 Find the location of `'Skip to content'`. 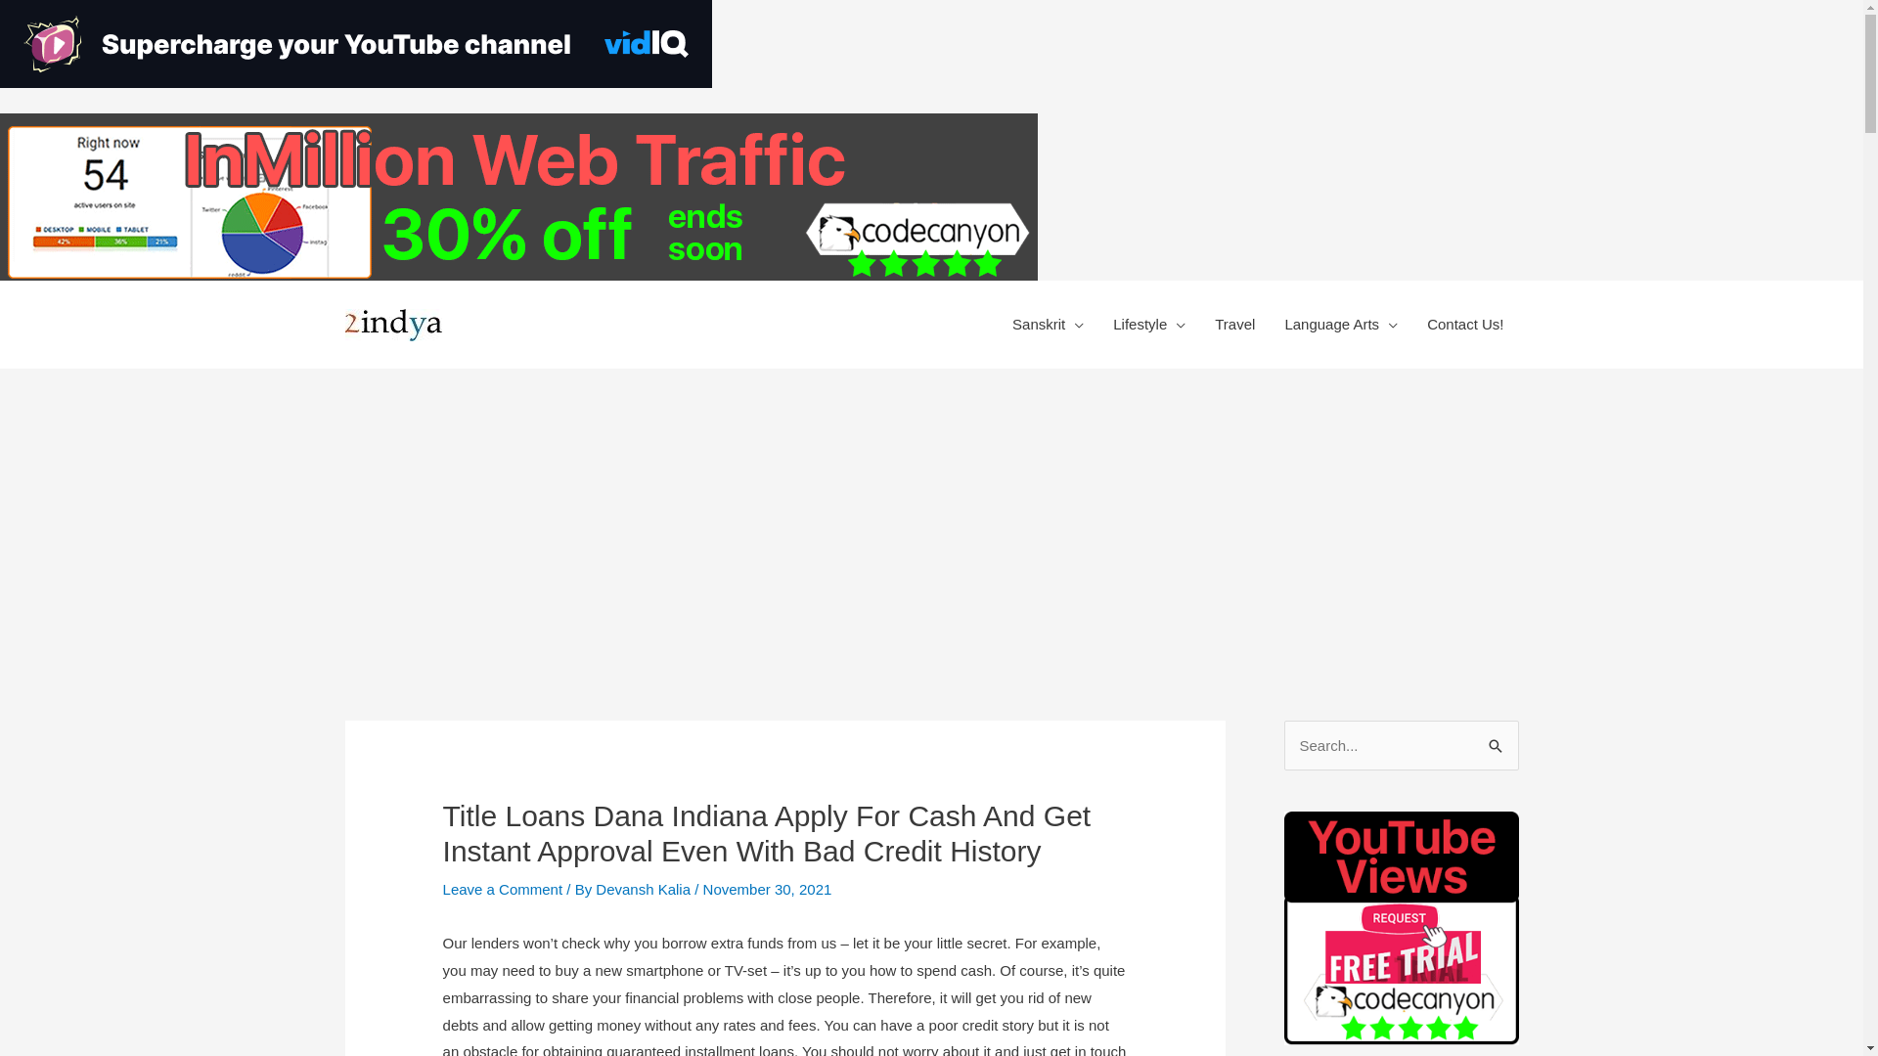

'Skip to content' is located at coordinates (1036, 112).